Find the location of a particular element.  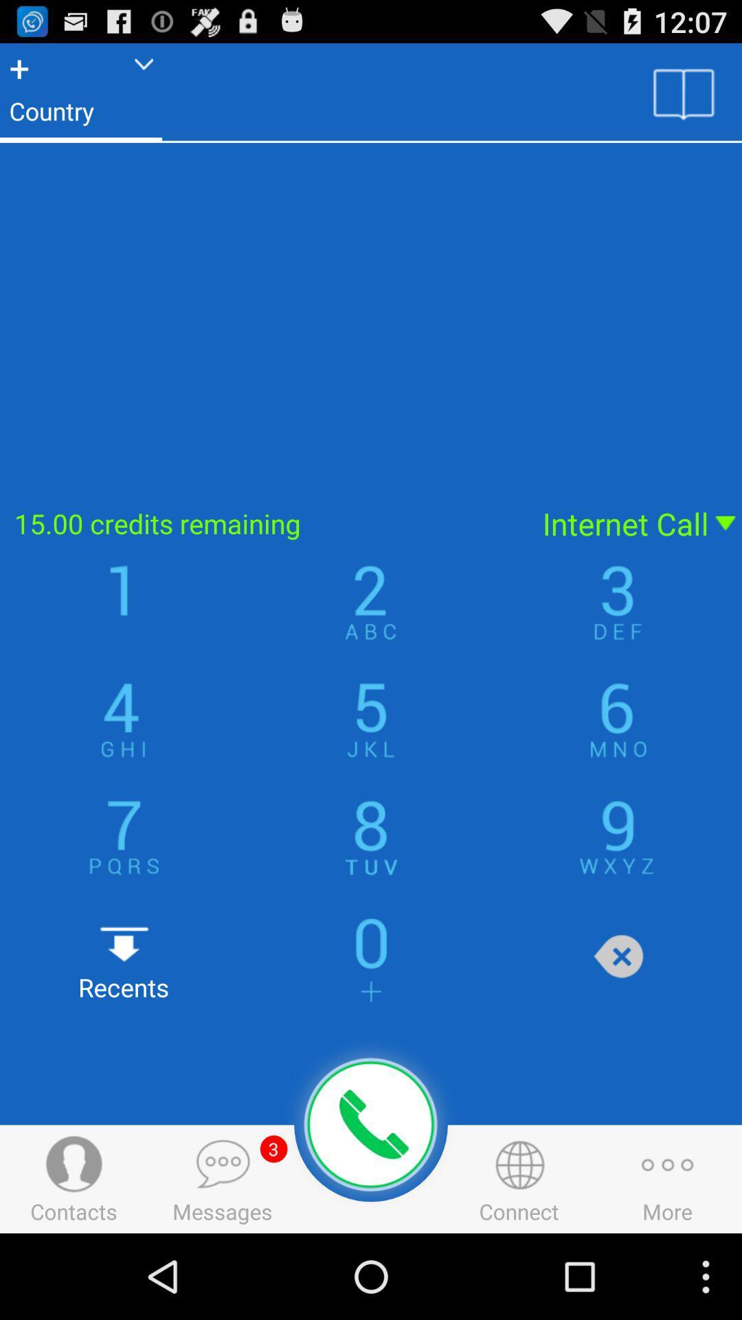

contacts is located at coordinates (684, 92).